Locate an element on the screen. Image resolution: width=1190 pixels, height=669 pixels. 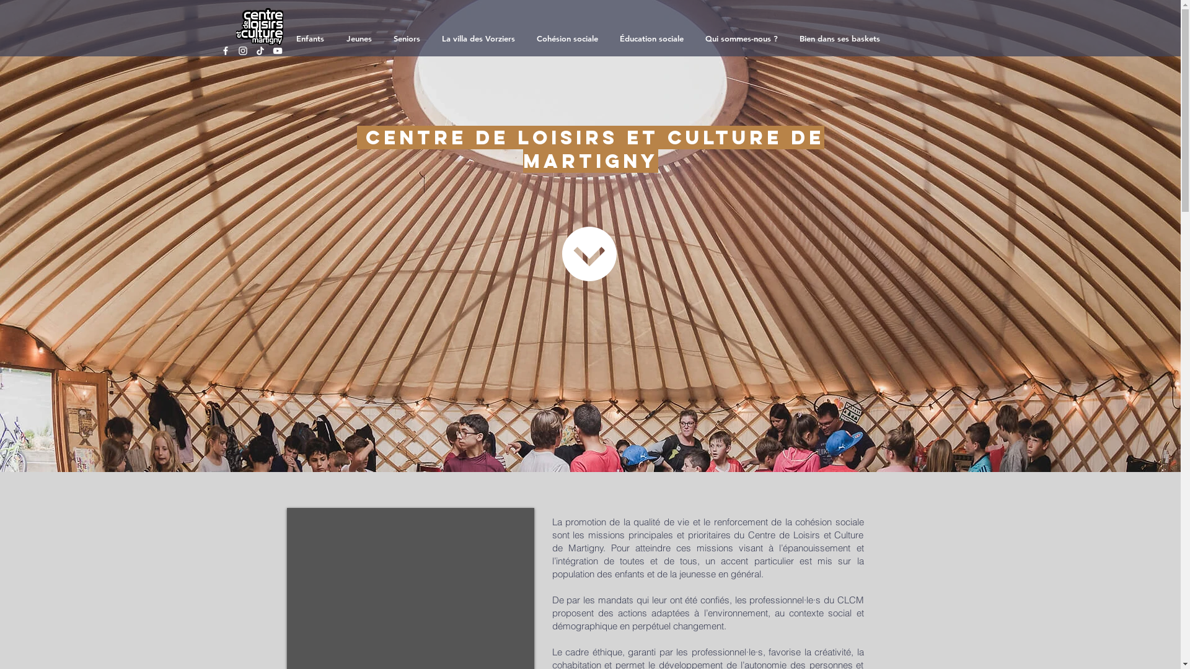
'La villa des Vorziers' is located at coordinates (479, 37).